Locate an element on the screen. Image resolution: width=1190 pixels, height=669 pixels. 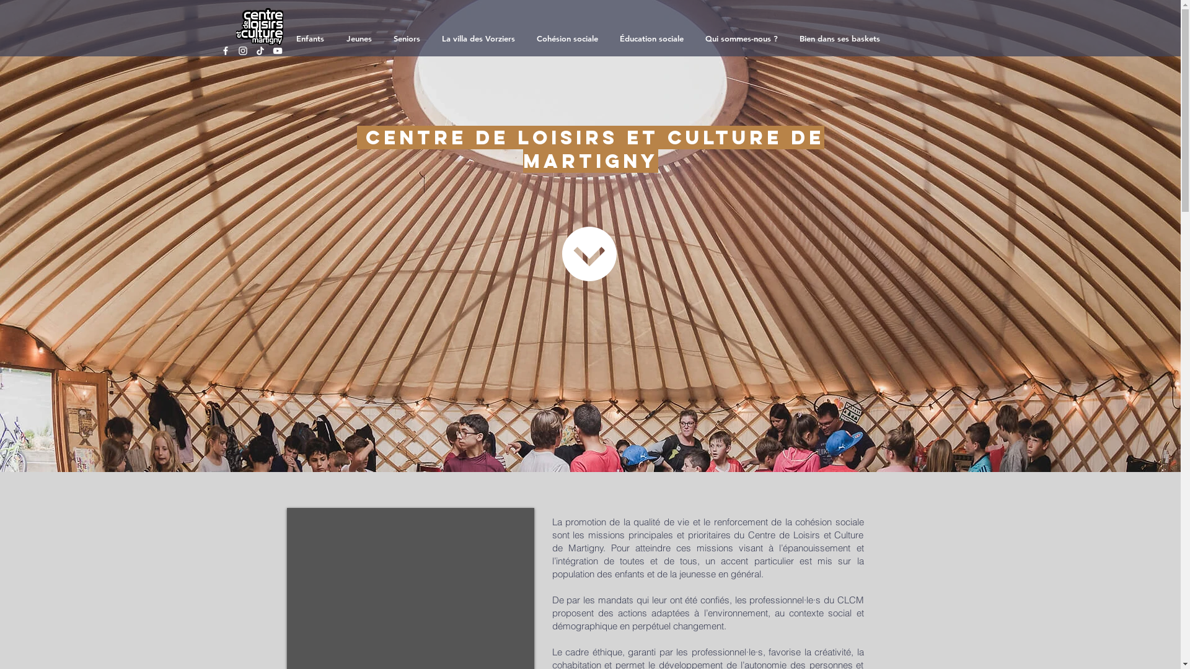
'La villa des Vorziers' is located at coordinates (479, 37).